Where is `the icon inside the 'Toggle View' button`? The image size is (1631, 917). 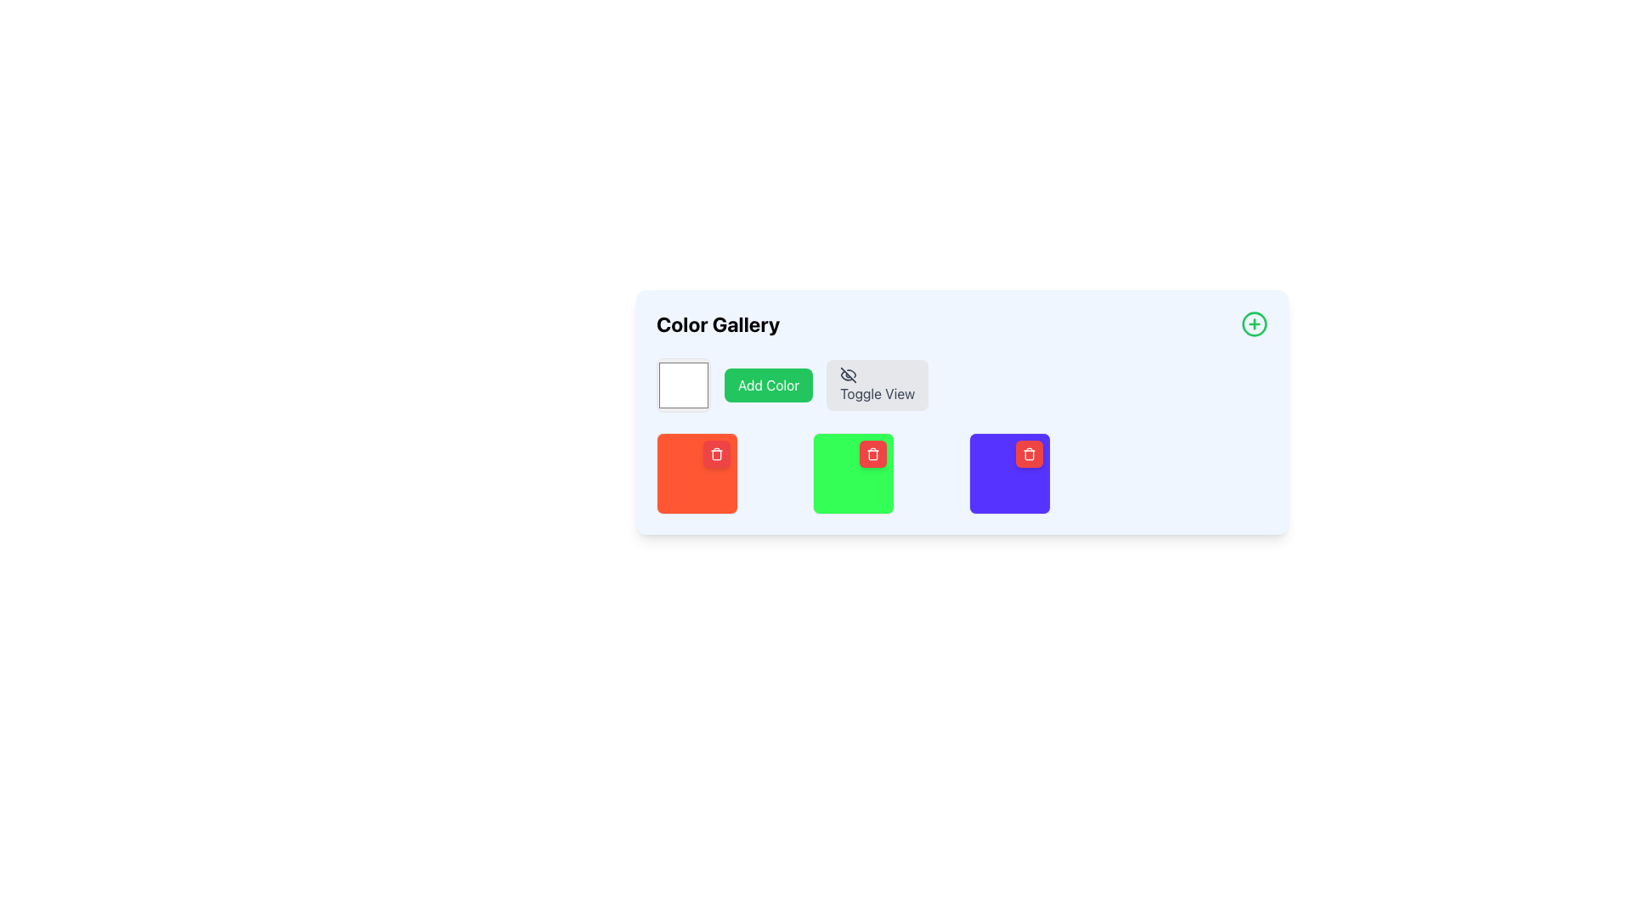 the icon inside the 'Toggle View' button is located at coordinates (849, 374).